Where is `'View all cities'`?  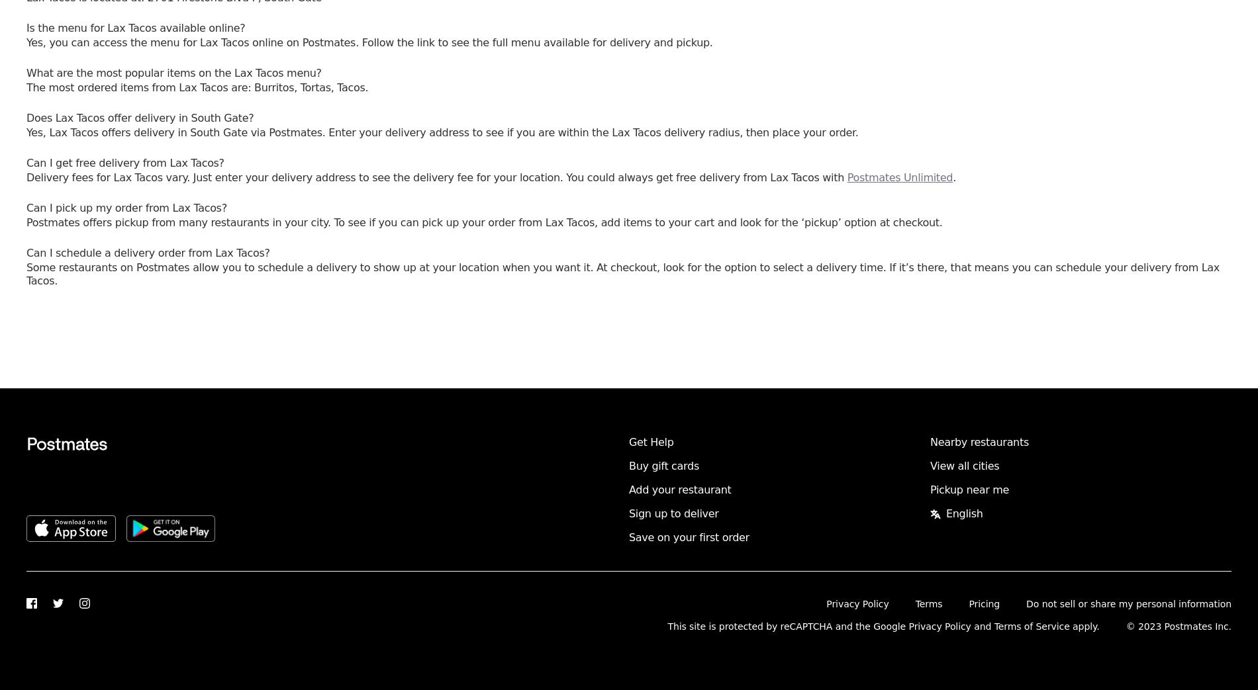 'View all cities' is located at coordinates (930, 466).